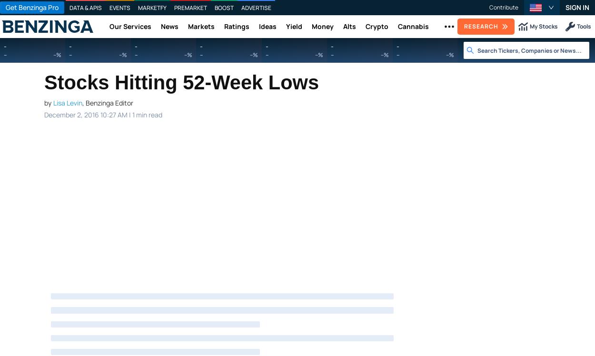 The width and height of the screenshot is (595, 356). I want to click on 'Contribute', so click(504, 7).